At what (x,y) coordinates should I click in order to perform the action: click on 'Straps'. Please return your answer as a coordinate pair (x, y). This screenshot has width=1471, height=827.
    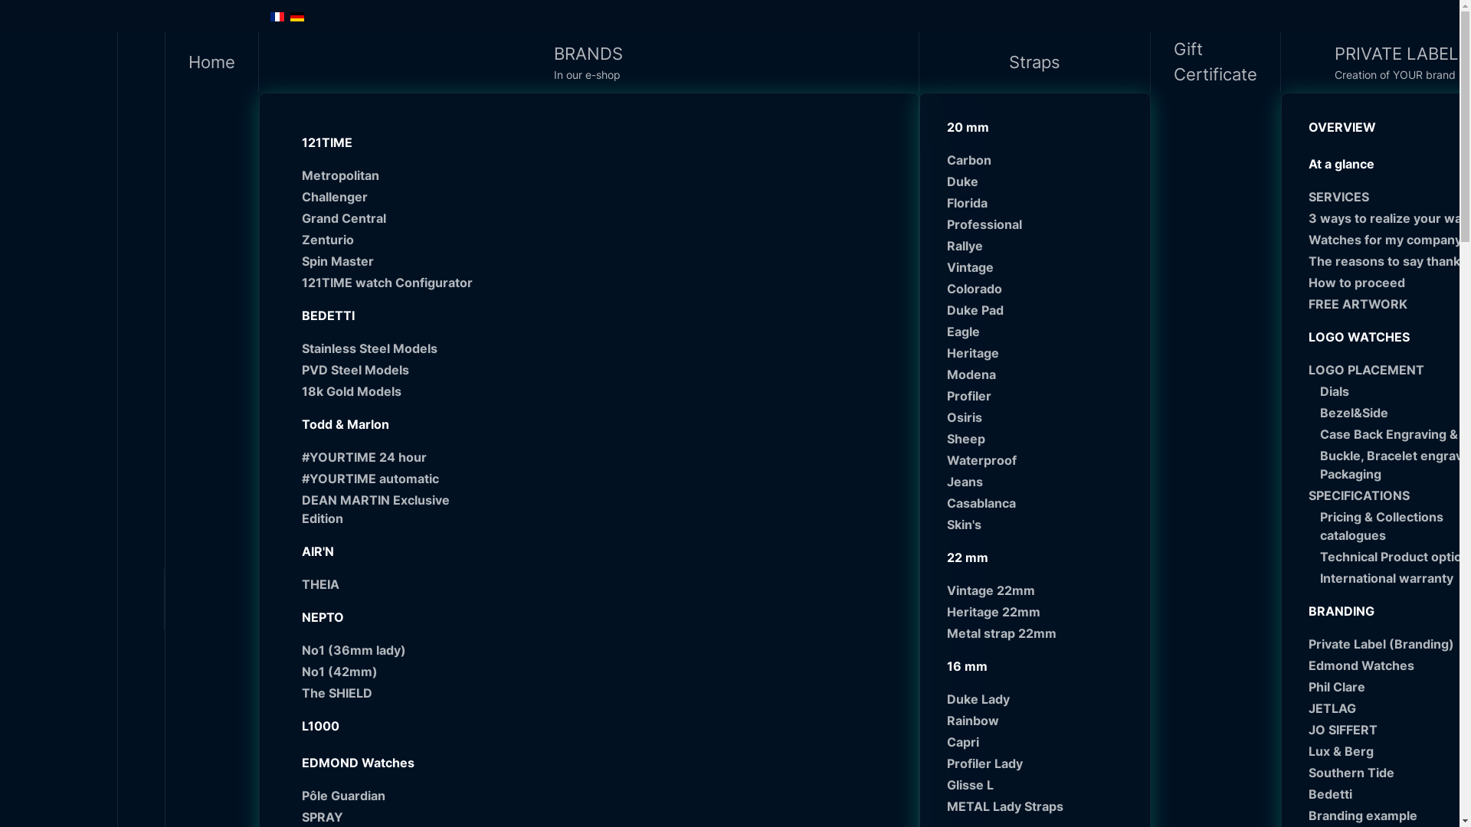
    Looking at the image, I should click on (1034, 61).